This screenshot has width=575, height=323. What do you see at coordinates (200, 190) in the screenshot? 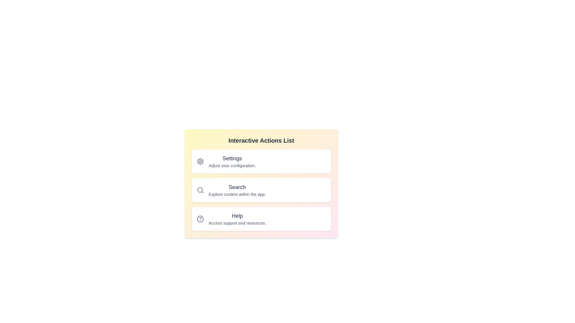
I see `the icon for the Search list item` at bounding box center [200, 190].